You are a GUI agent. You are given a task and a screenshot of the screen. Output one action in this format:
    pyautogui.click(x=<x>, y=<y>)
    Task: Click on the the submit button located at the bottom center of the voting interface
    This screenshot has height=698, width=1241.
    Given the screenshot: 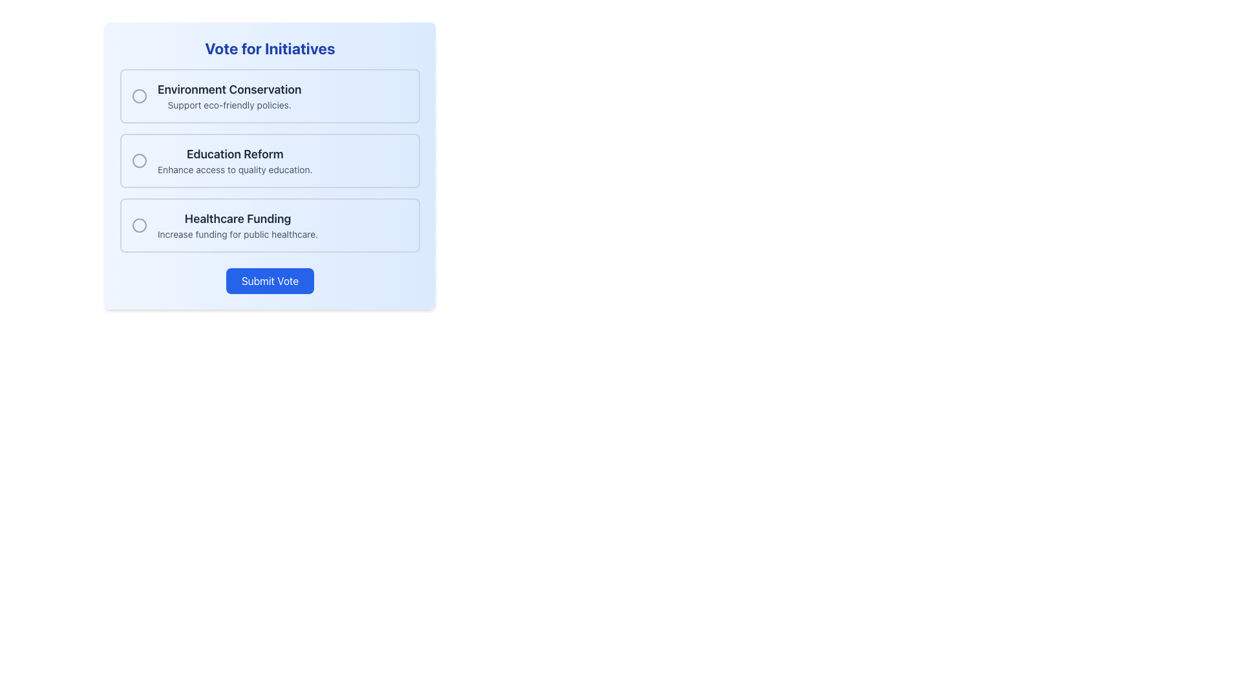 What is the action you would take?
    pyautogui.click(x=269, y=280)
    